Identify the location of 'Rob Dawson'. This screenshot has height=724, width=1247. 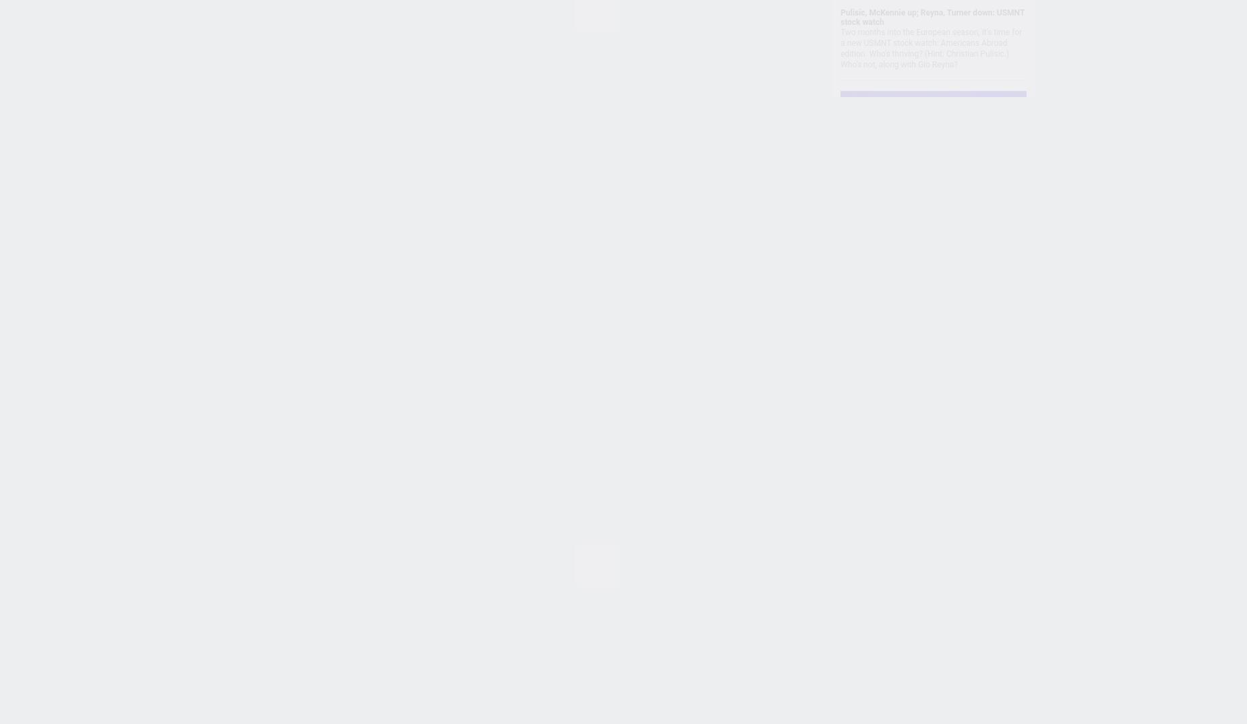
(428, 423).